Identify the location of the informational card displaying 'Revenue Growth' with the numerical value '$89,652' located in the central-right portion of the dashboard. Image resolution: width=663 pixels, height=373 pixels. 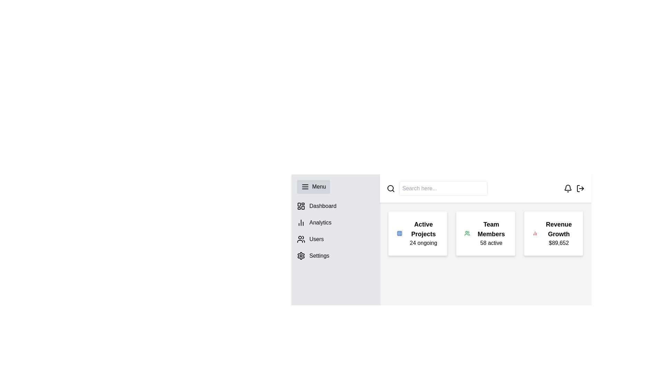
(559, 233).